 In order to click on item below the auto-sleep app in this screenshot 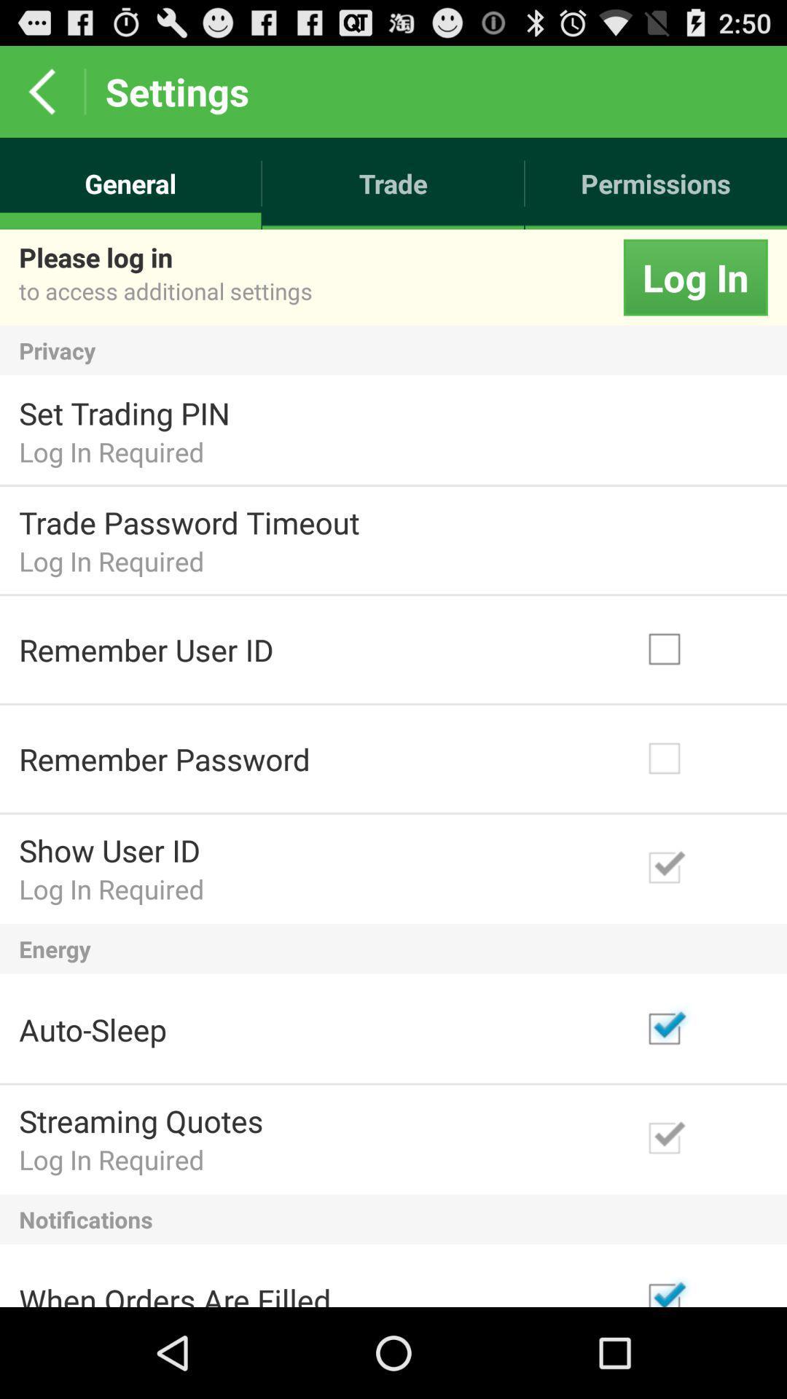, I will do `click(141, 1120)`.